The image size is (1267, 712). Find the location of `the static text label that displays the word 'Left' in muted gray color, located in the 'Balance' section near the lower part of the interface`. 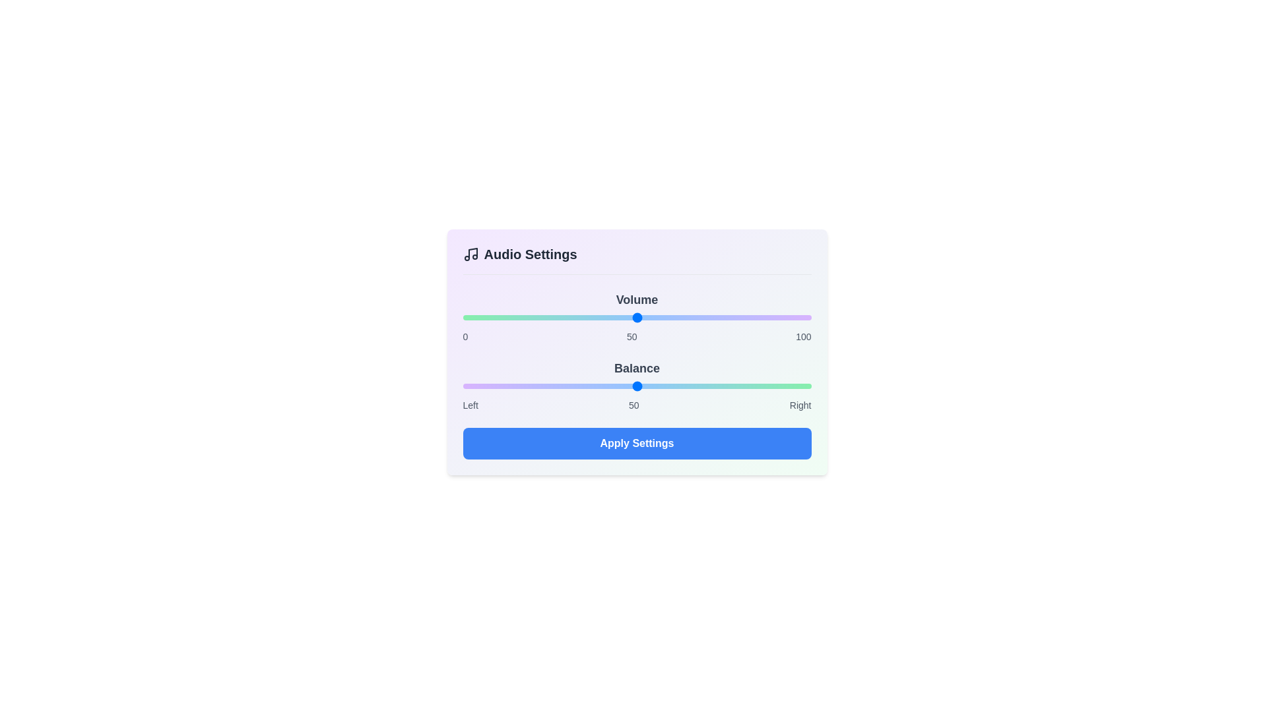

the static text label that displays the word 'Left' in muted gray color, located in the 'Balance' section near the lower part of the interface is located at coordinates (471, 404).